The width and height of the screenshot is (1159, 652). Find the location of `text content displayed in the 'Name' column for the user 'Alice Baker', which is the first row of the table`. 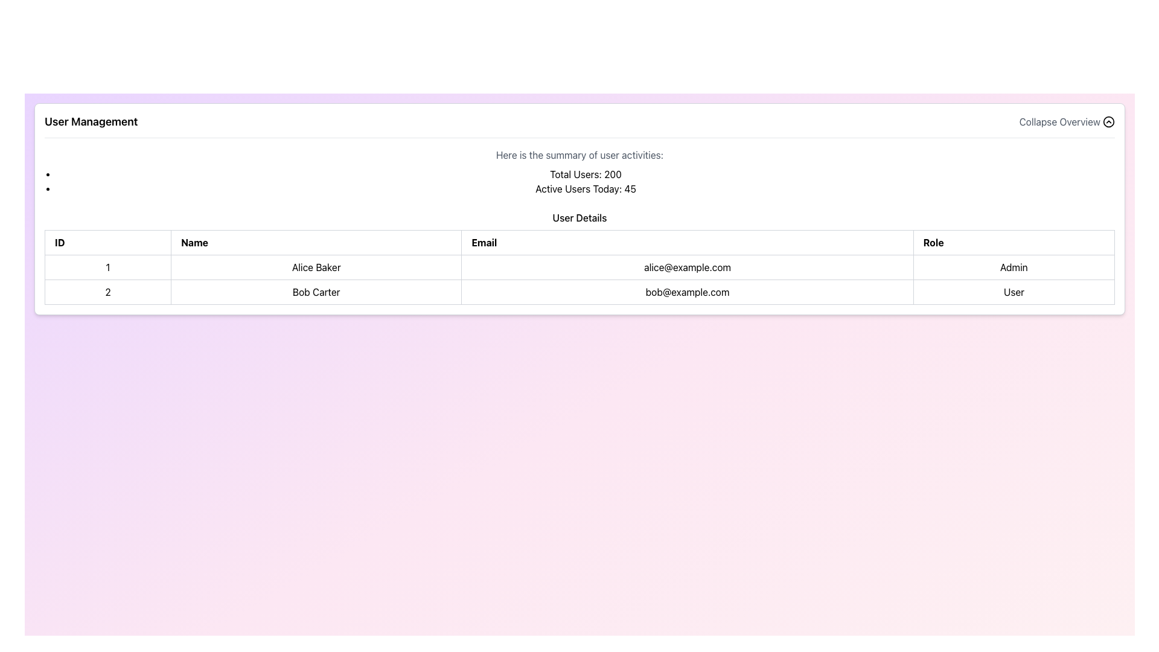

text content displayed in the 'Name' column for the user 'Alice Baker', which is the first row of the table is located at coordinates (316, 267).